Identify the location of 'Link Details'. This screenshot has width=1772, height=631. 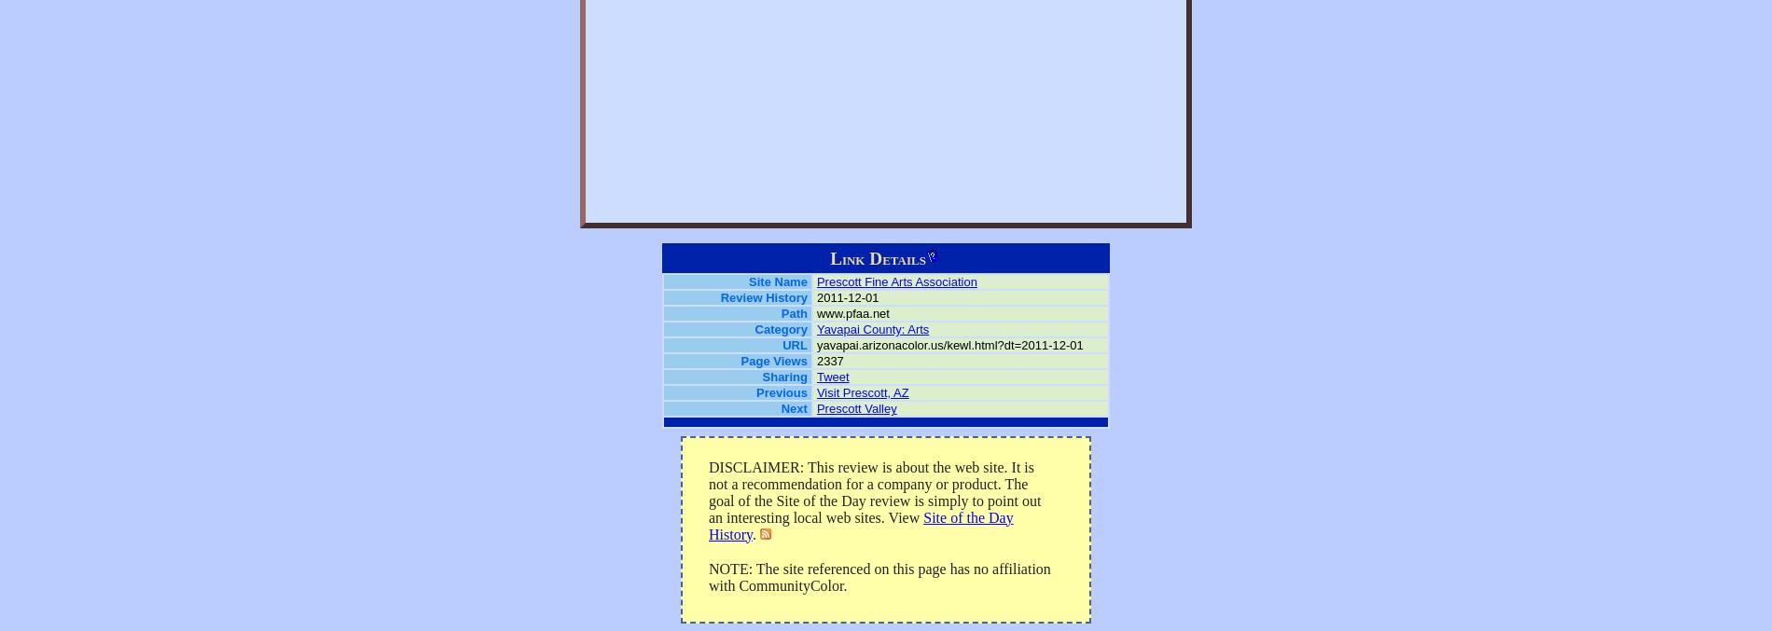
(877, 257).